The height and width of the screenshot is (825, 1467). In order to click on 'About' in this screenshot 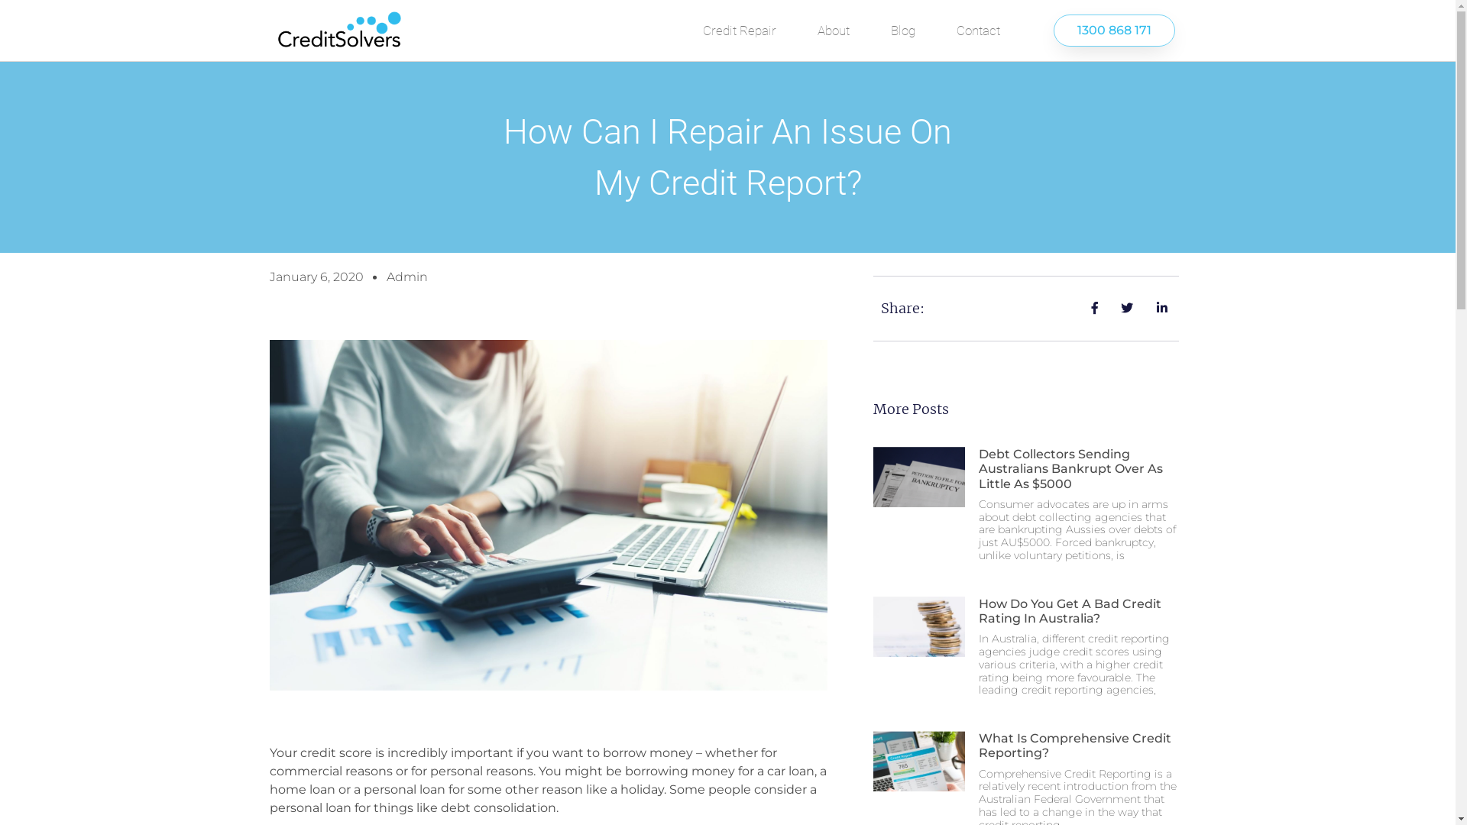, I will do `click(832, 30)`.